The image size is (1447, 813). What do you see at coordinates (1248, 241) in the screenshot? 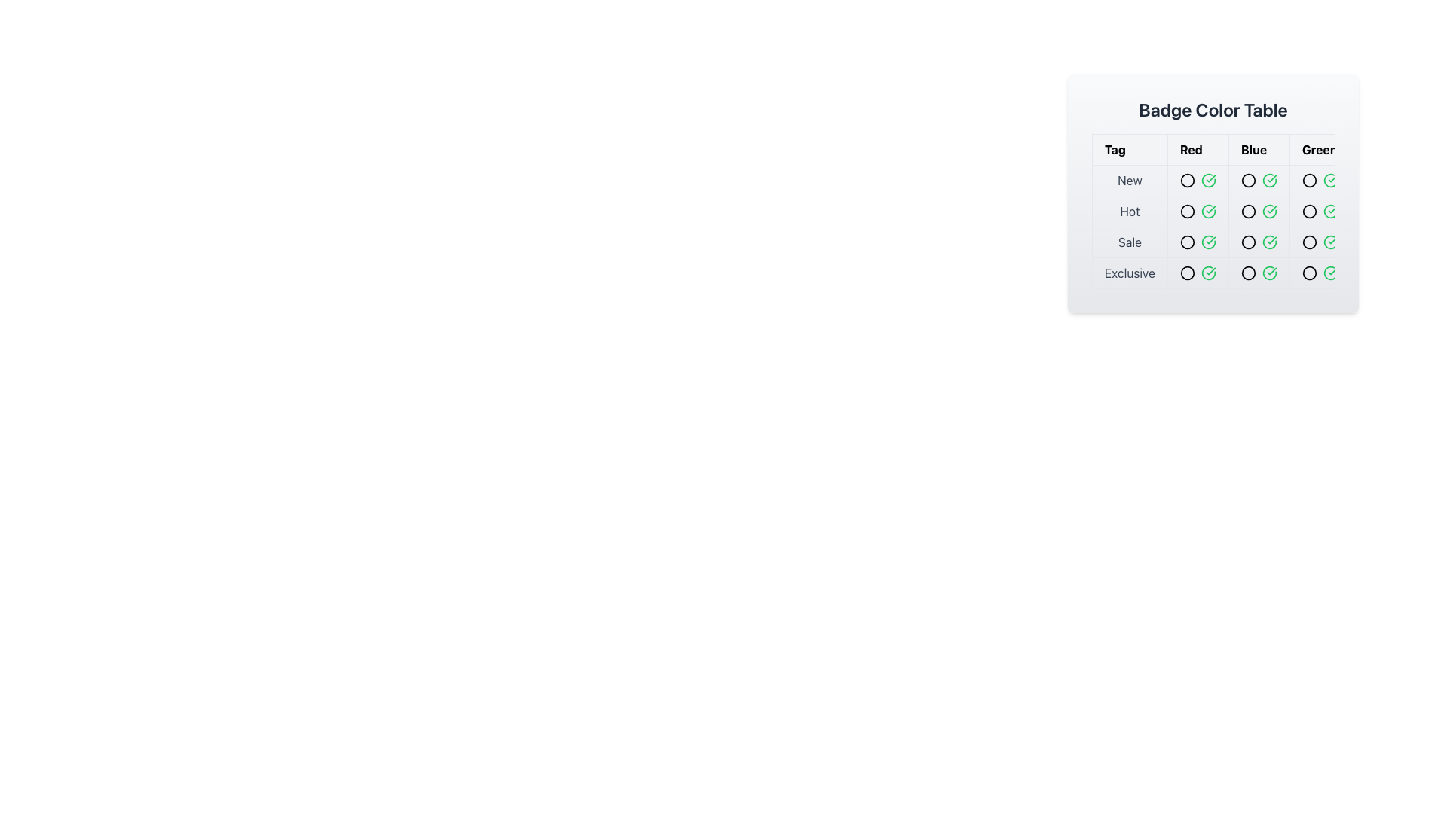
I see `the static circular icon indicating 'Sale' in the 'Blue' category, located in the 'Sale' row of the table` at bounding box center [1248, 241].